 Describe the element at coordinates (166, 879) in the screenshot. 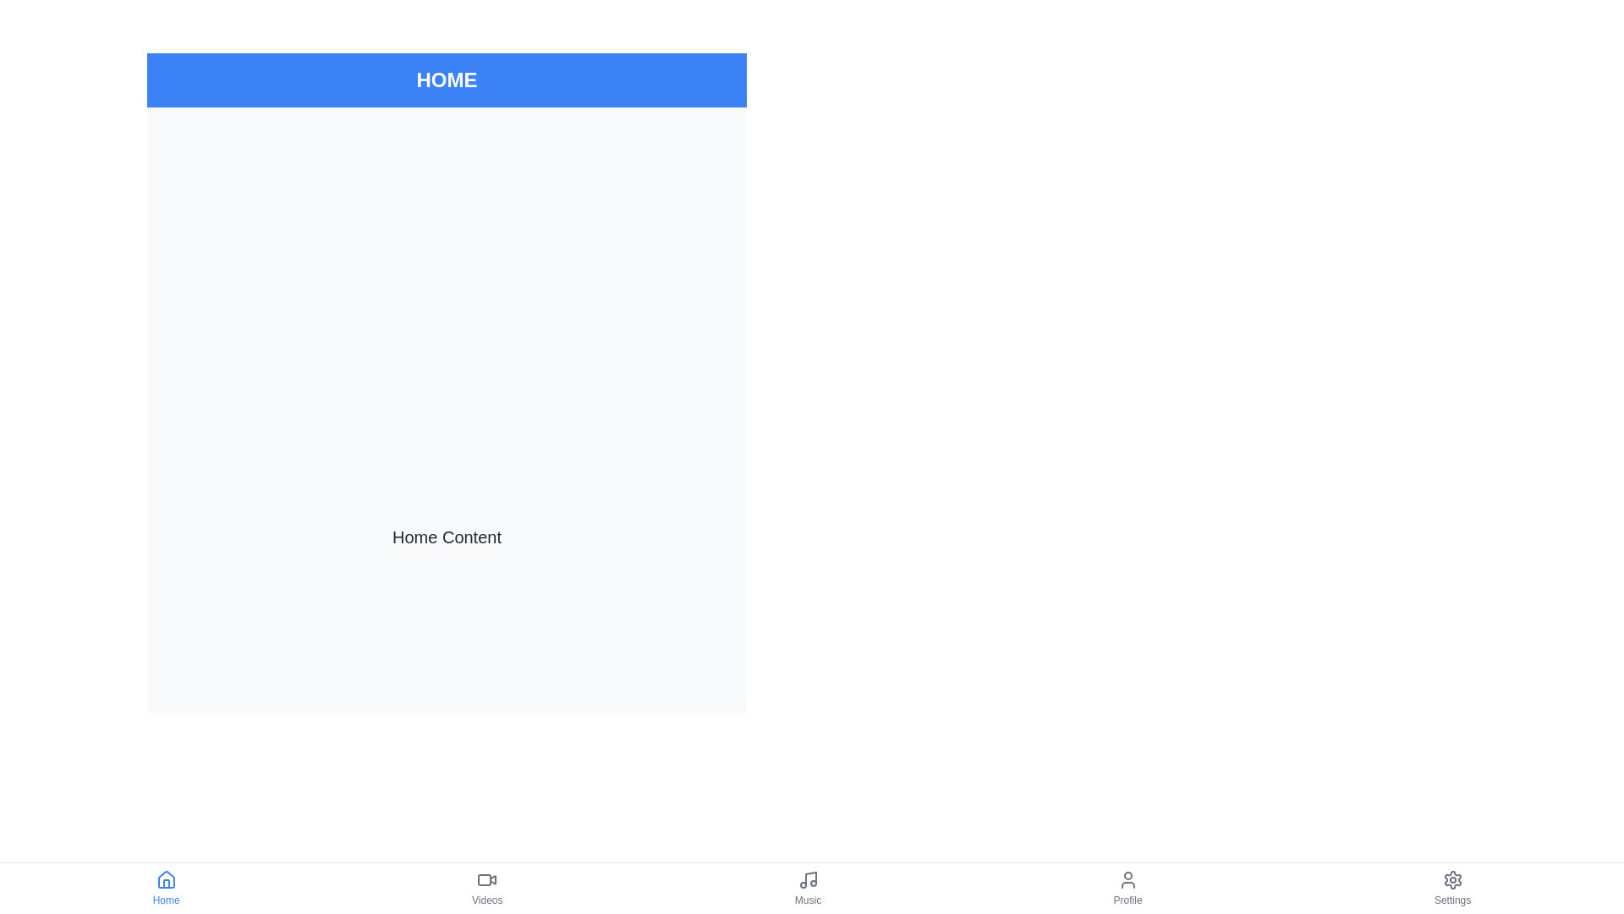

I see `the small house icon, which is styled in blue and located in the bottom navigation bar under the 'Home' text` at that location.